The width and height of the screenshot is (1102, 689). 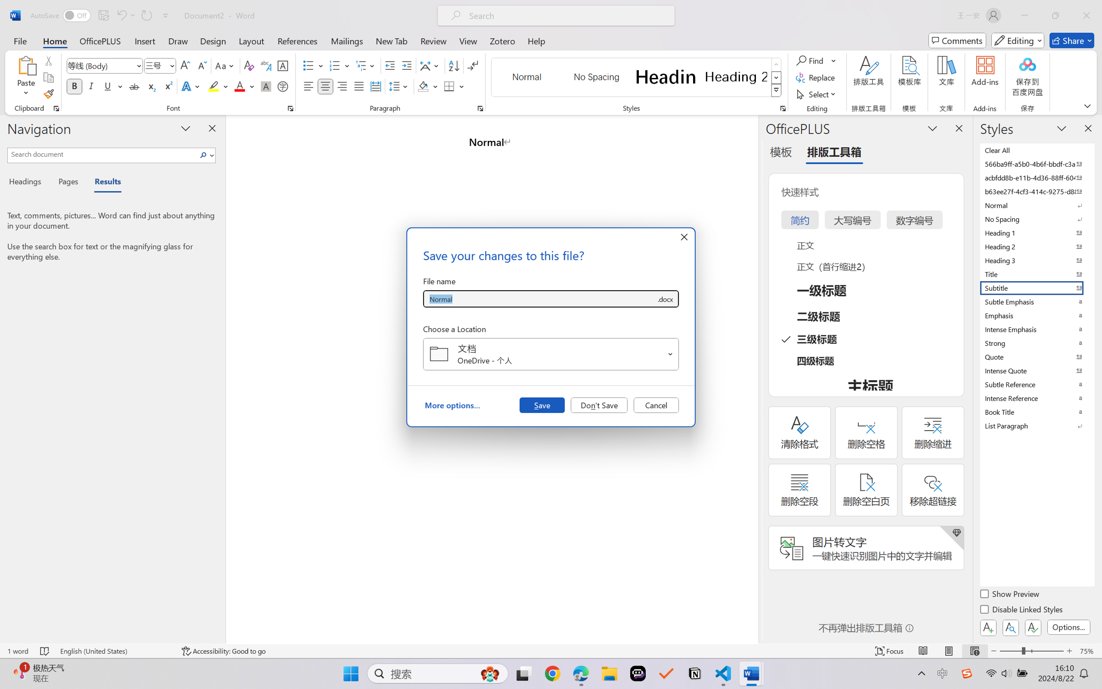 What do you see at coordinates (1036, 205) in the screenshot?
I see `'Normal'` at bounding box center [1036, 205].